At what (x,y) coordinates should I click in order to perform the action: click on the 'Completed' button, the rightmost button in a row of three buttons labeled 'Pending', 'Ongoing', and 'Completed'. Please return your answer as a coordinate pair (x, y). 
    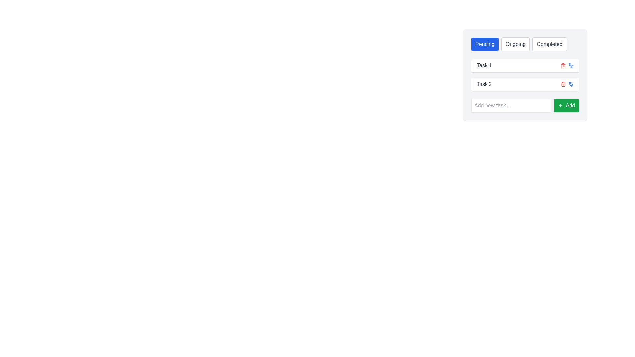
    Looking at the image, I should click on (549, 44).